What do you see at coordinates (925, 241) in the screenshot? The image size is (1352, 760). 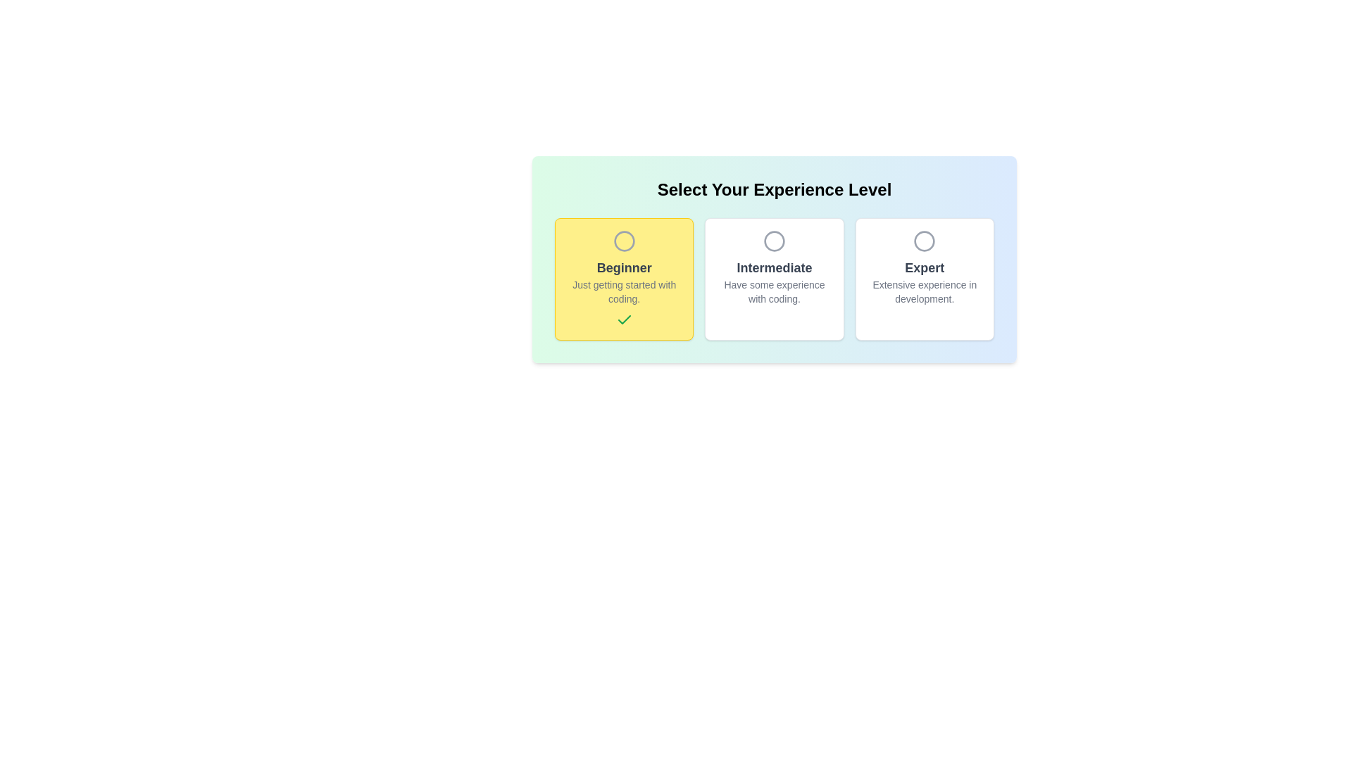 I see `the Circle graphic that indicates the selection of the 'Expert' experience level, located in the rightmost card under 'Select Your Experience Level'` at bounding box center [925, 241].